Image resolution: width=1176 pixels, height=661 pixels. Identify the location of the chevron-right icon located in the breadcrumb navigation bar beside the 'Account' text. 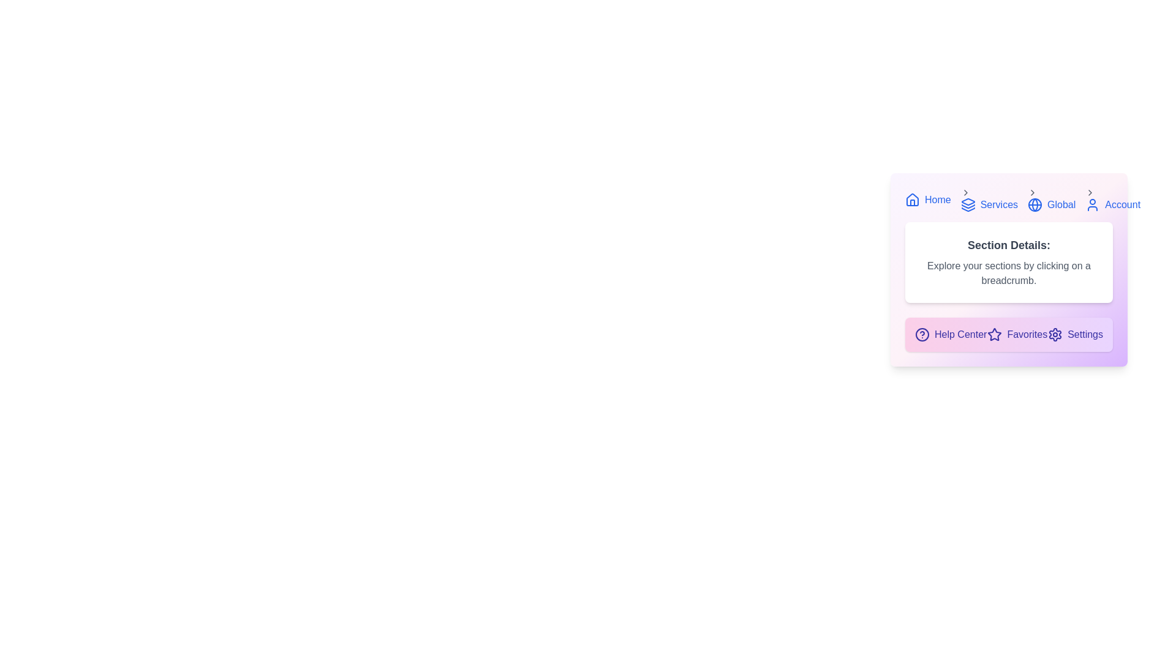
(1090, 193).